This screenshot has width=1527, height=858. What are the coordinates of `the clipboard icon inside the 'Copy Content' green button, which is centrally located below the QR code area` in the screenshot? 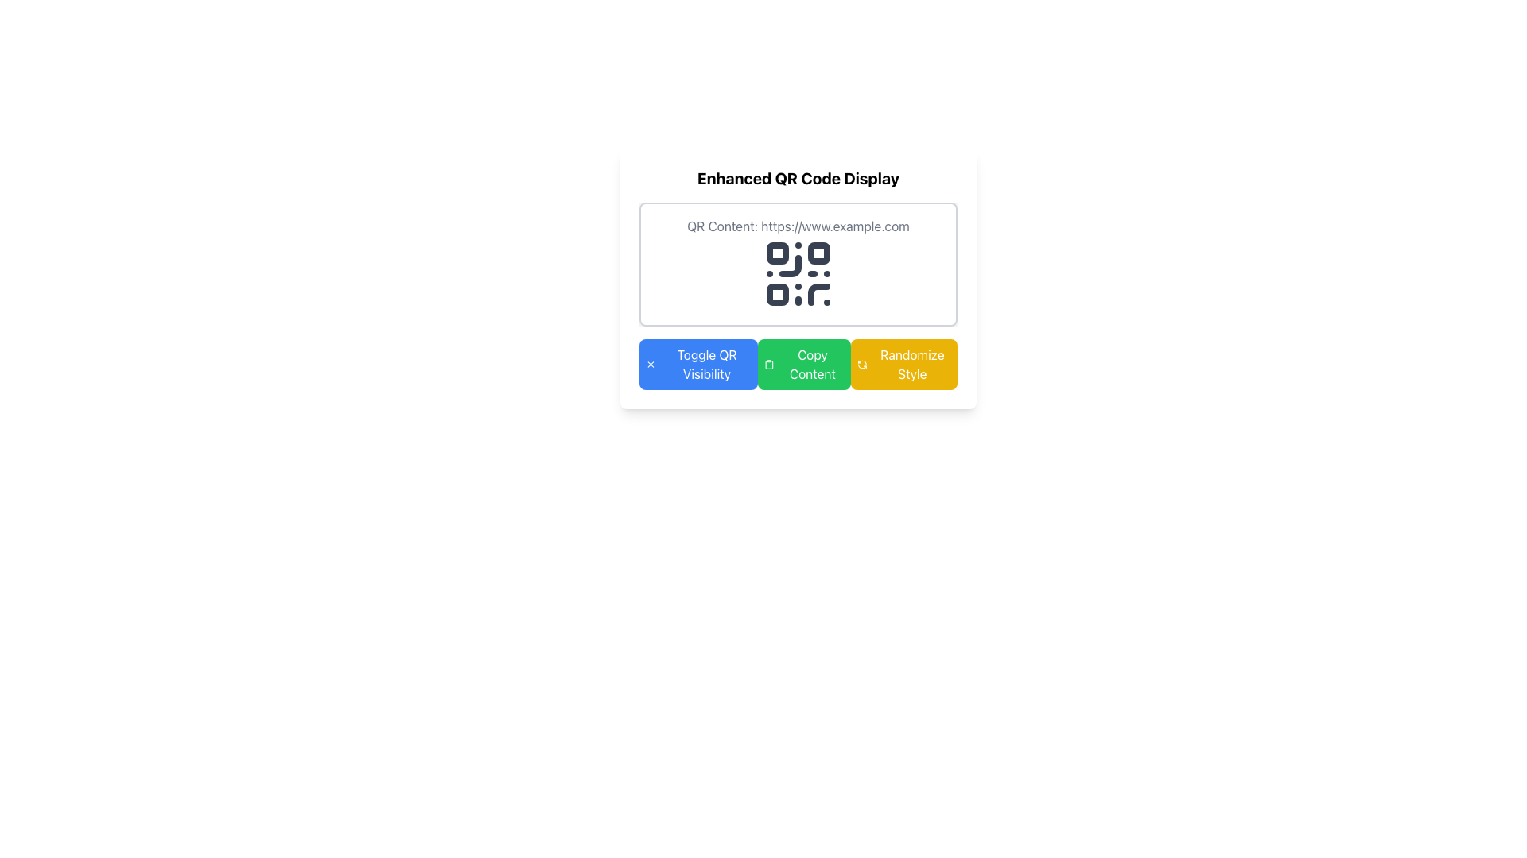 It's located at (769, 365).